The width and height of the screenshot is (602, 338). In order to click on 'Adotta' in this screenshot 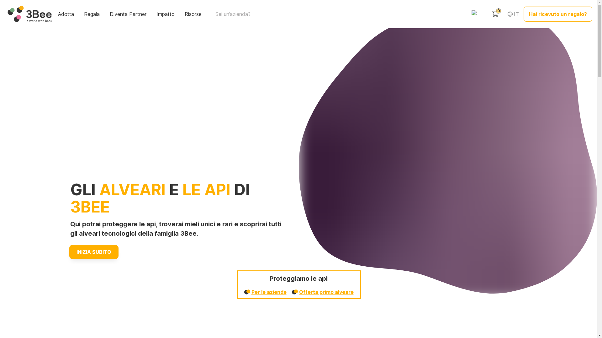, I will do `click(66, 13)`.